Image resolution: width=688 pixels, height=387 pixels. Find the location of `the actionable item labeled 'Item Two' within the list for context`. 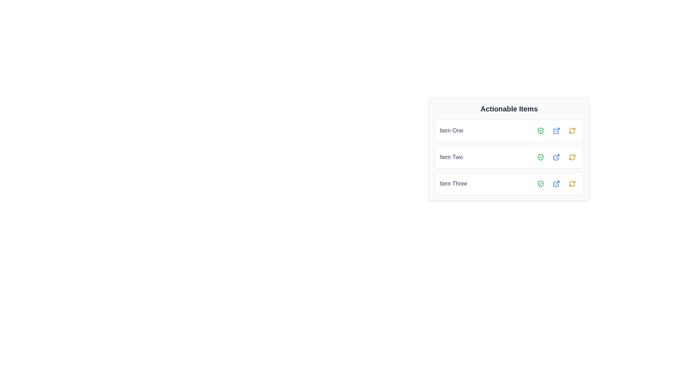

the actionable item labeled 'Item Two' within the list for context is located at coordinates (508, 157).